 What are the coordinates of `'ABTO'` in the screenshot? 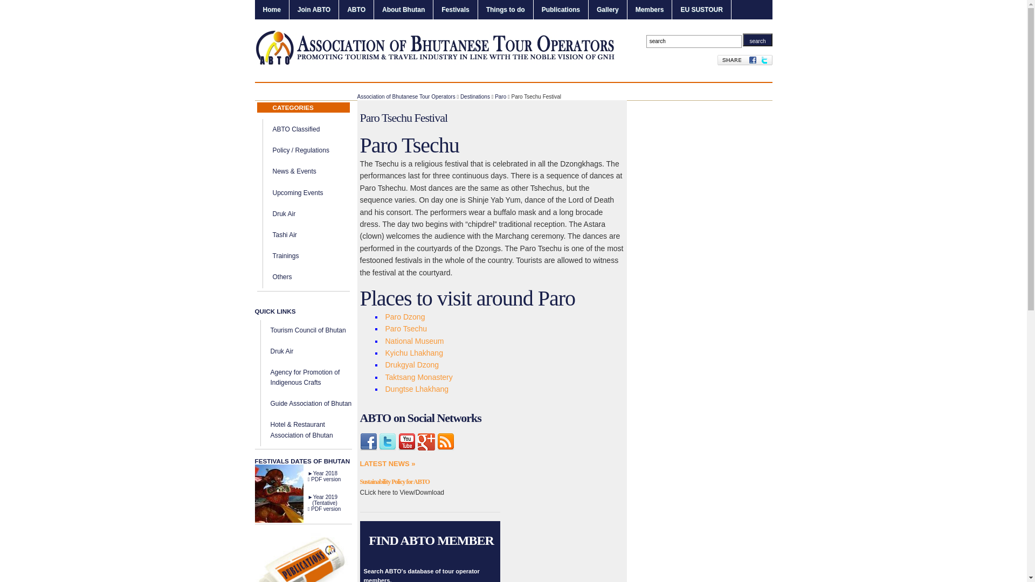 It's located at (356, 10).